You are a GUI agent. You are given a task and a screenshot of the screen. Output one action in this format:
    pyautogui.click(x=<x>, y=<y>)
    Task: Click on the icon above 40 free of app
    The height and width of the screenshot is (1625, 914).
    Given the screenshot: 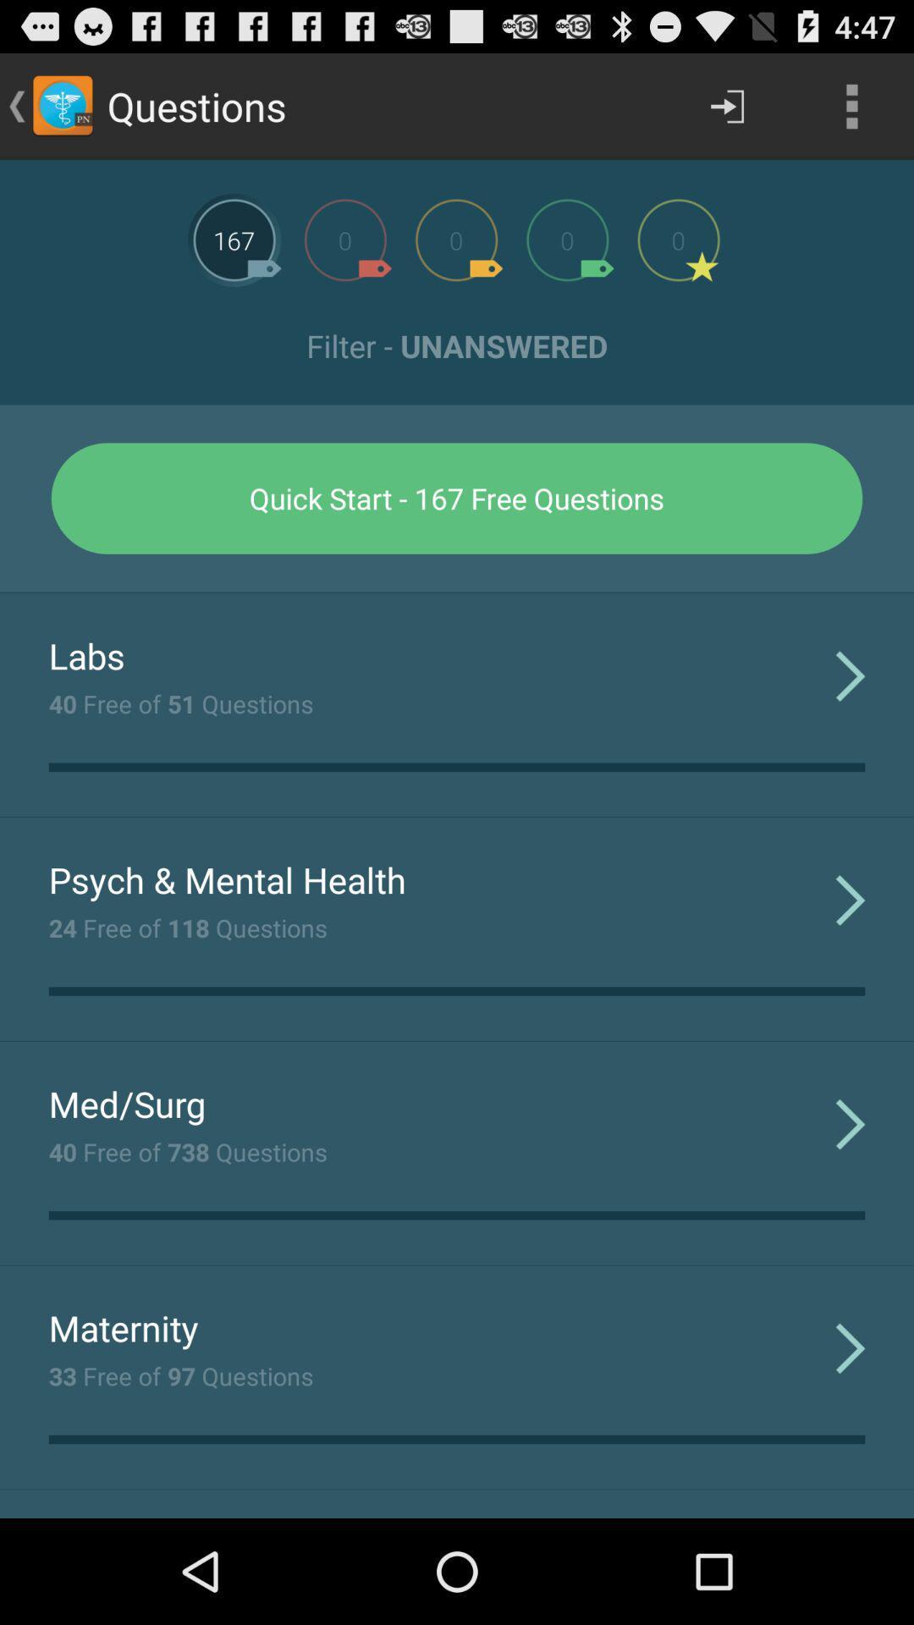 What is the action you would take?
    pyautogui.click(x=86, y=654)
    